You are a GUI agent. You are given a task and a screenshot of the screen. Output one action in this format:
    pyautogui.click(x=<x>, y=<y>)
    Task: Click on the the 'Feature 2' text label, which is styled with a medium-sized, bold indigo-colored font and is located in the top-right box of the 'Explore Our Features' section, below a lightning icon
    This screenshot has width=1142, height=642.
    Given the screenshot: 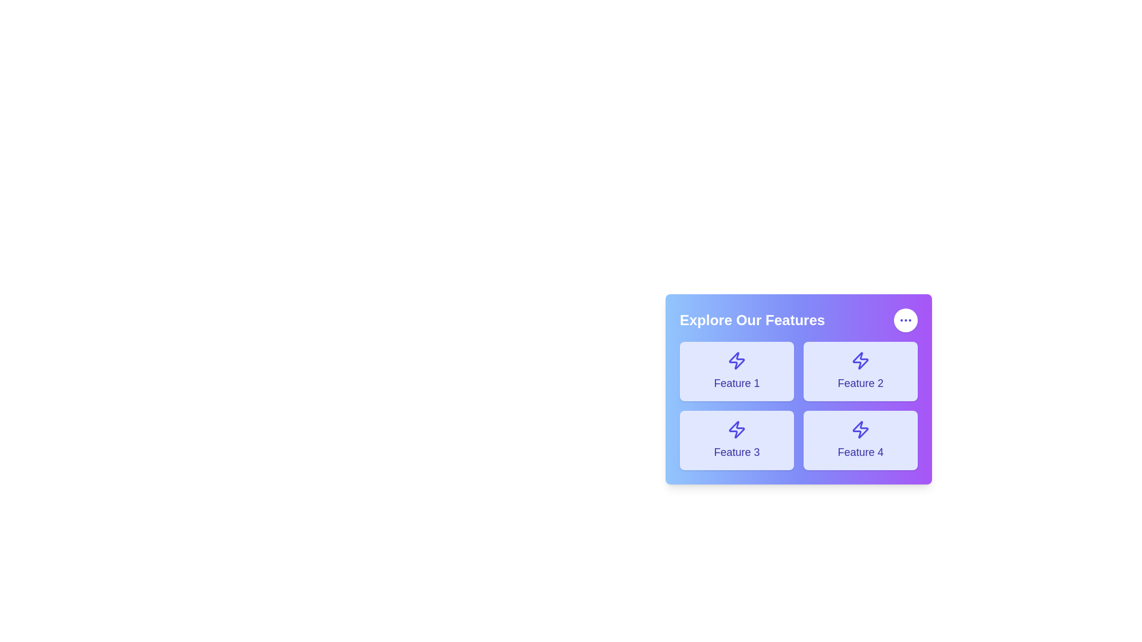 What is the action you would take?
    pyautogui.click(x=860, y=383)
    